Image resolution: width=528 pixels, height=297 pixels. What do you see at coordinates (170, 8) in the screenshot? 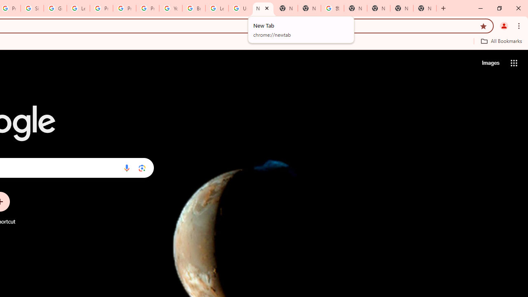
I see `'YouTube'` at bounding box center [170, 8].